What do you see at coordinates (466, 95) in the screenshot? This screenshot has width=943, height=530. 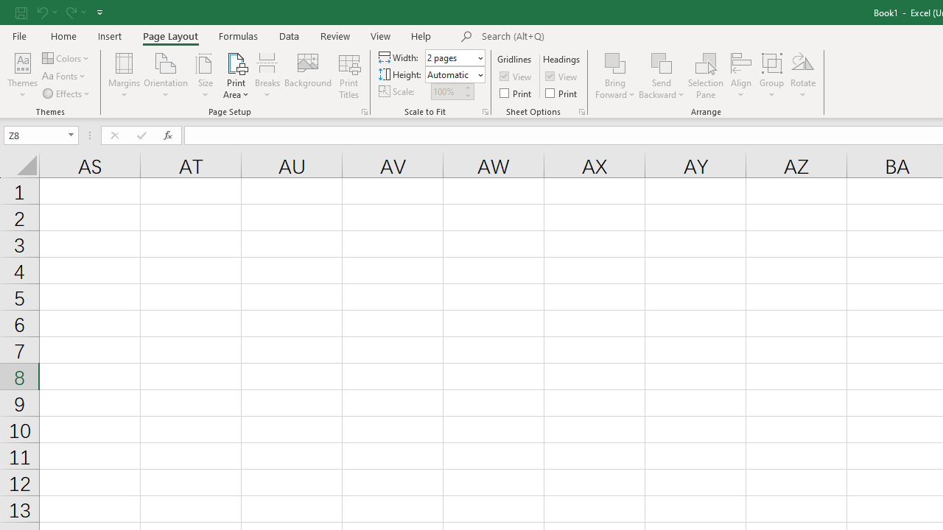 I see `'Less'` at bounding box center [466, 95].